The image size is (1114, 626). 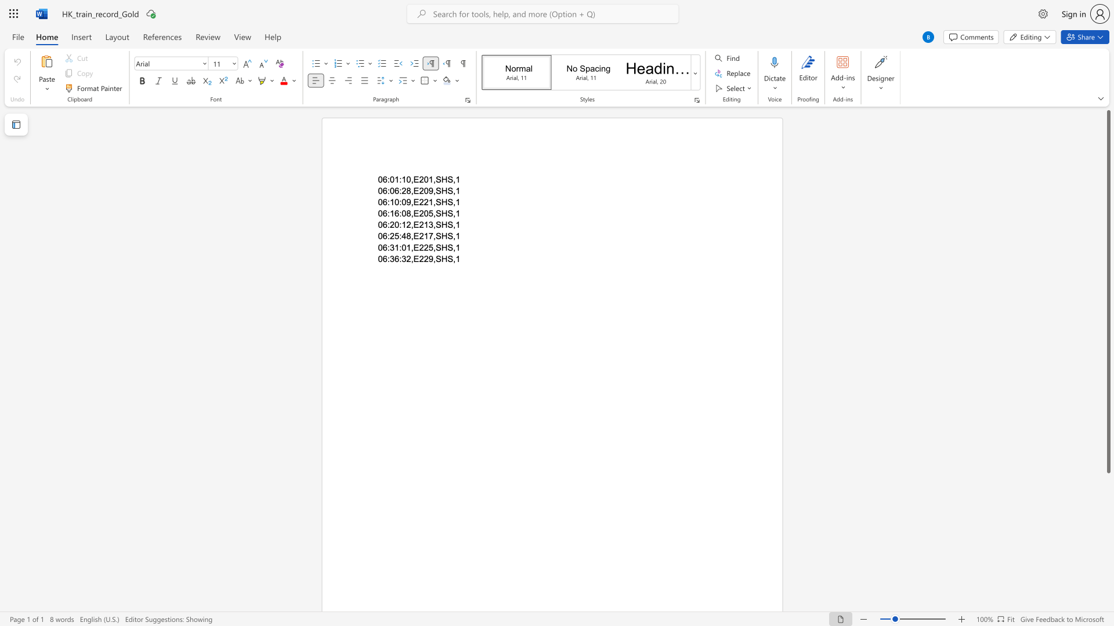 I want to click on the scrollbar to slide the page down, so click(x=1108, y=538).